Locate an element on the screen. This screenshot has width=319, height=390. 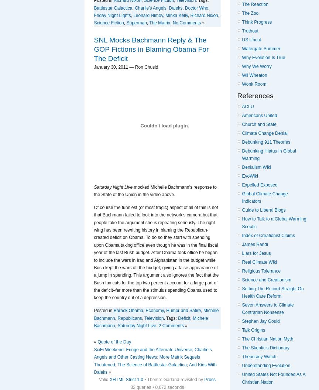
'Daleks' is located at coordinates (175, 8).